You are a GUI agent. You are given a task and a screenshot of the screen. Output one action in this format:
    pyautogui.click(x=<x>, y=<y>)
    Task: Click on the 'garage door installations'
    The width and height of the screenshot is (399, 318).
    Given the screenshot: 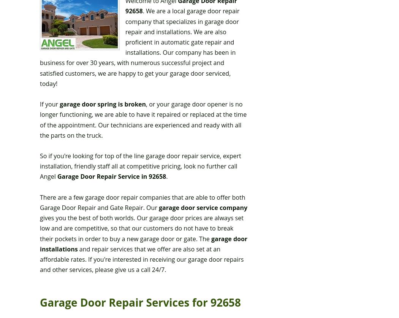 What is the action you would take?
    pyautogui.click(x=40, y=243)
    